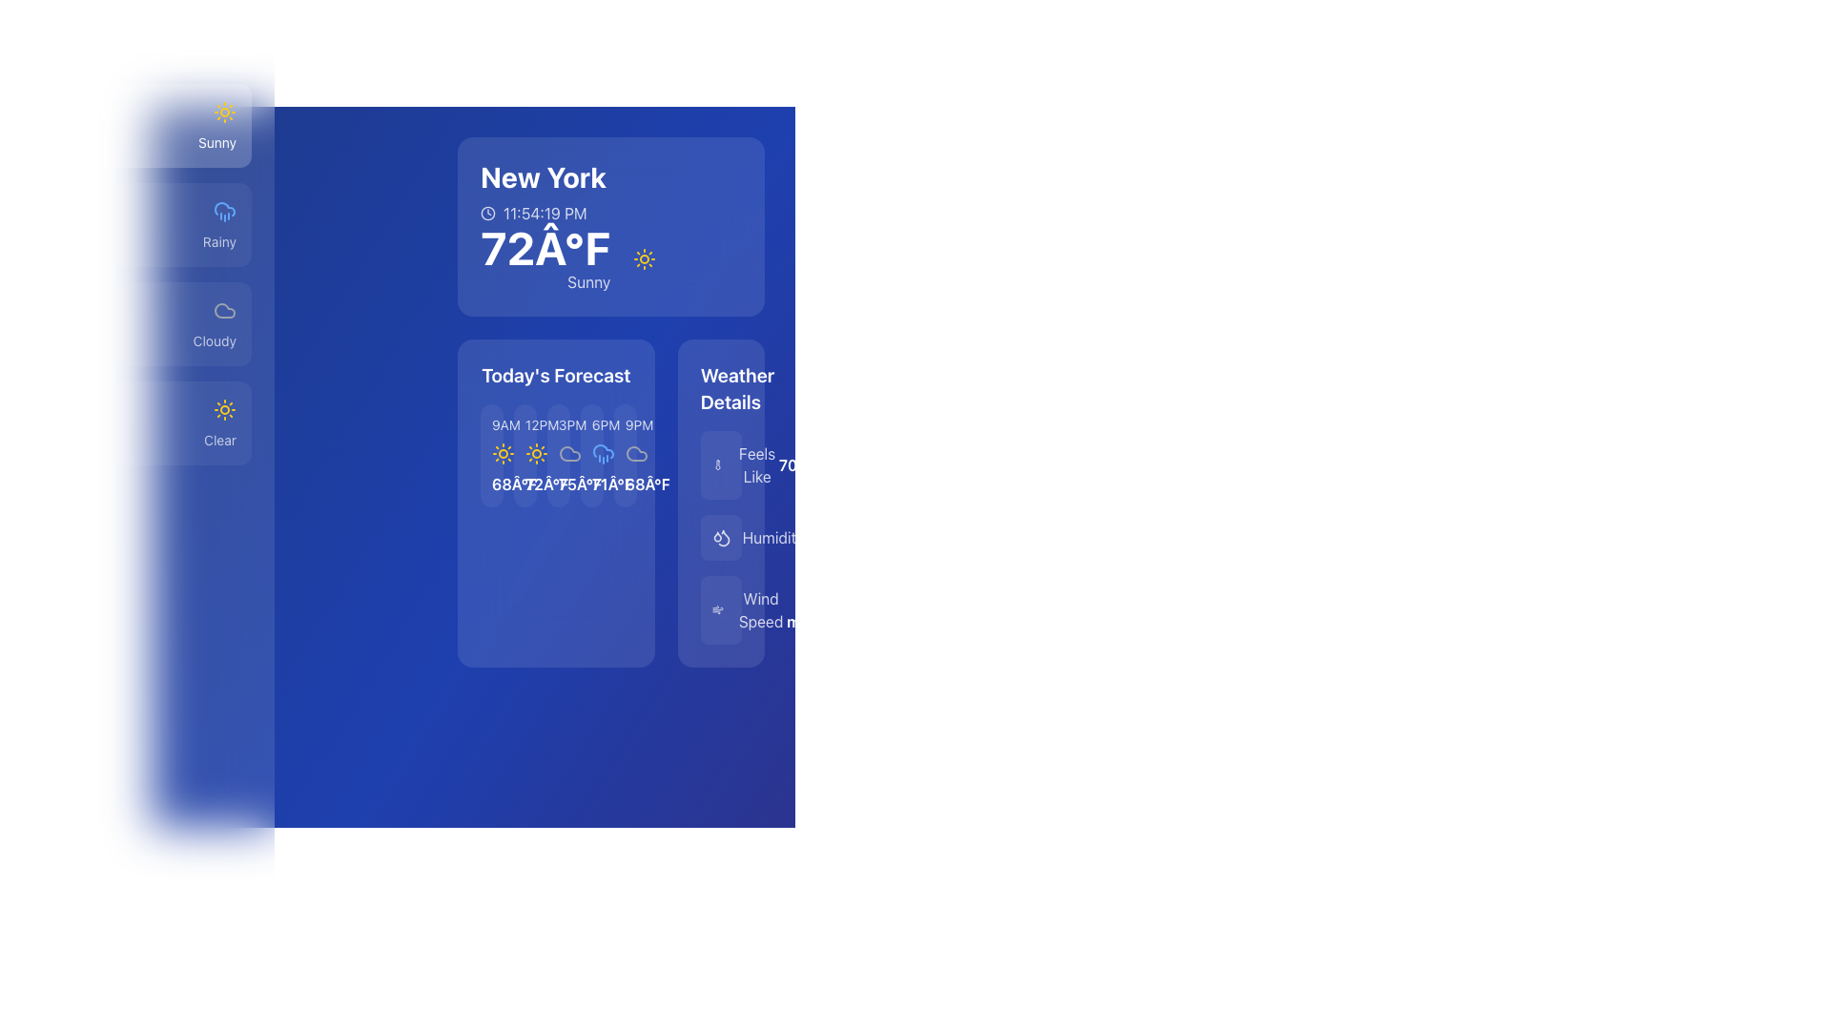  What do you see at coordinates (216, 142) in the screenshot?
I see `the text label displaying the current weather condition` at bounding box center [216, 142].